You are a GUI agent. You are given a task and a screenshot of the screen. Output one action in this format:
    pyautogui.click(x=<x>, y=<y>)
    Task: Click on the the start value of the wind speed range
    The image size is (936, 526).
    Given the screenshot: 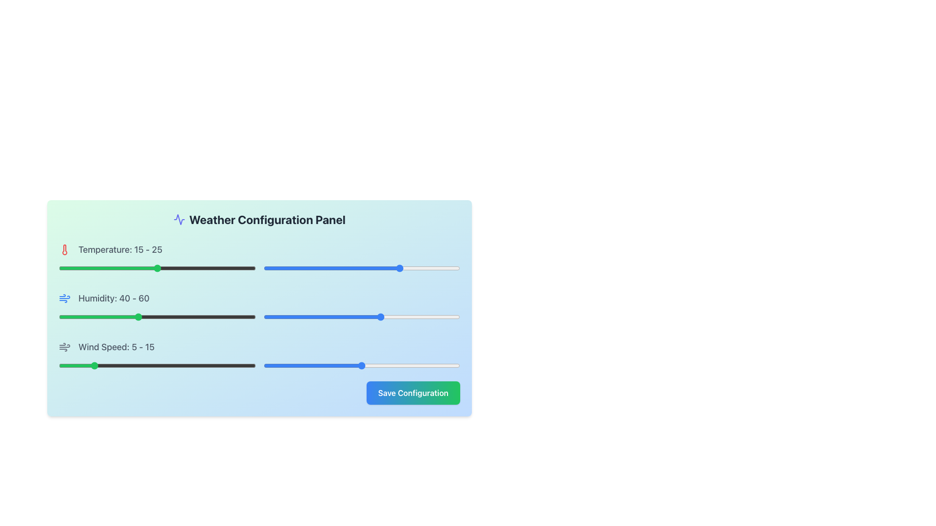 What is the action you would take?
    pyautogui.click(x=92, y=366)
    